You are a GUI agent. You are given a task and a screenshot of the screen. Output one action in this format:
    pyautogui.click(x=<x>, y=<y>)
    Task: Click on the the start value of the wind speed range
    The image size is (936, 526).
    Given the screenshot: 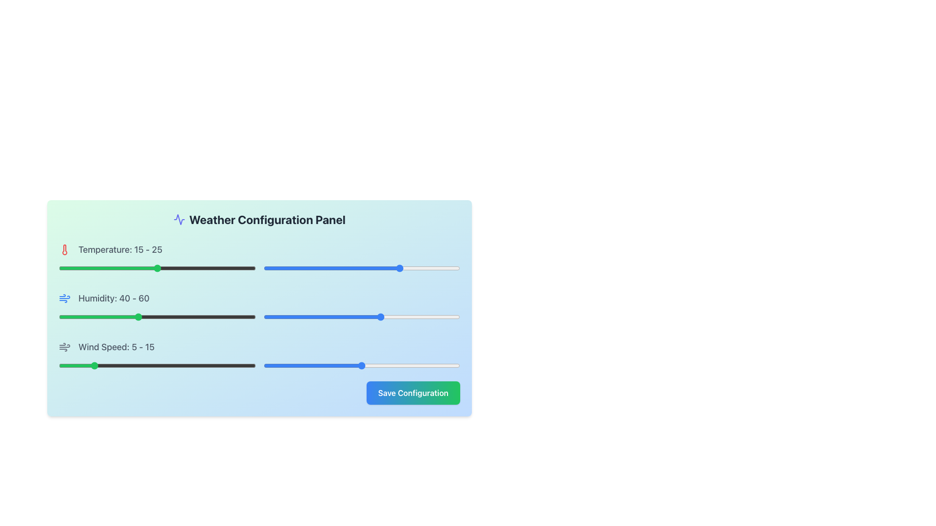 What is the action you would take?
    pyautogui.click(x=92, y=366)
    